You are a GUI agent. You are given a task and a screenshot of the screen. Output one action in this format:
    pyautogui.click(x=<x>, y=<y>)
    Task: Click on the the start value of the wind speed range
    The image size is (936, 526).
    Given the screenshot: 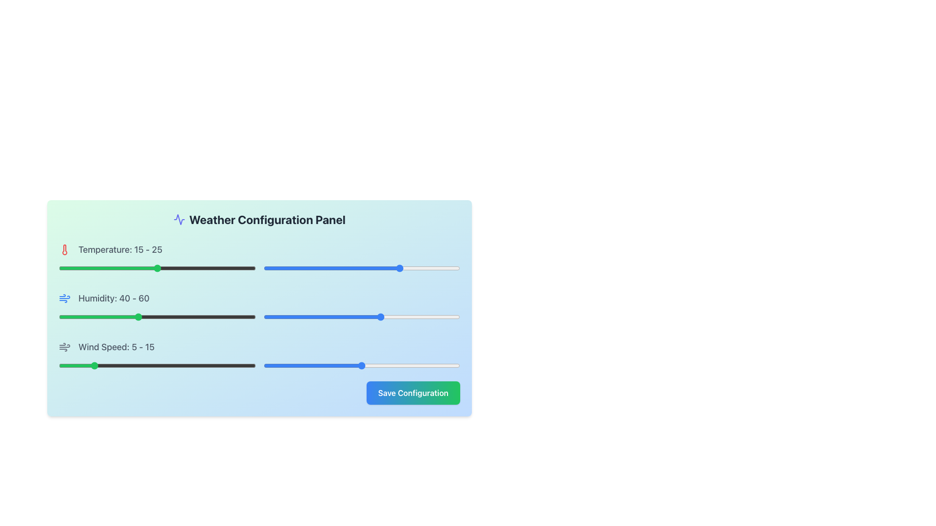 What is the action you would take?
    pyautogui.click(x=92, y=366)
    